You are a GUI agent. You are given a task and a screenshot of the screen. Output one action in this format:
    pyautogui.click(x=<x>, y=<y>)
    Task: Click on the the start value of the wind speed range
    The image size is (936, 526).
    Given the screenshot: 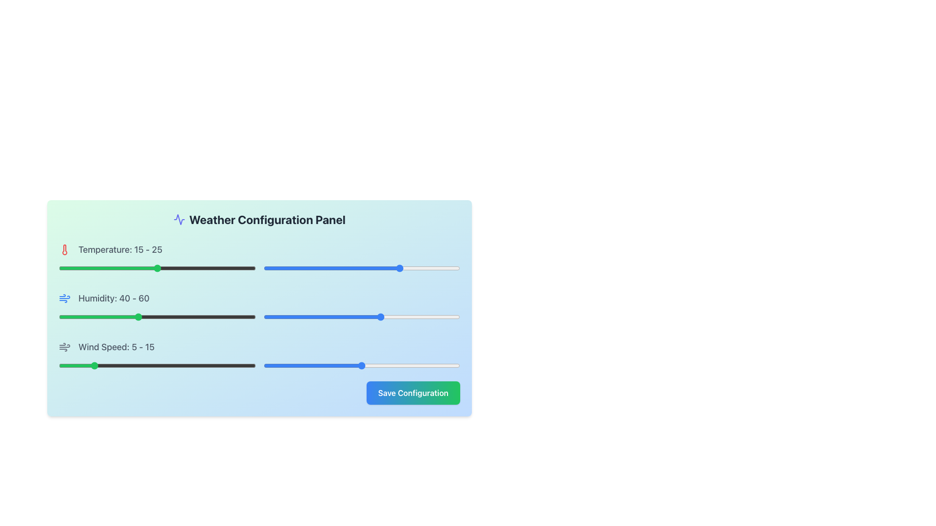 What is the action you would take?
    pyautogui.click(x=92, y=366)
    